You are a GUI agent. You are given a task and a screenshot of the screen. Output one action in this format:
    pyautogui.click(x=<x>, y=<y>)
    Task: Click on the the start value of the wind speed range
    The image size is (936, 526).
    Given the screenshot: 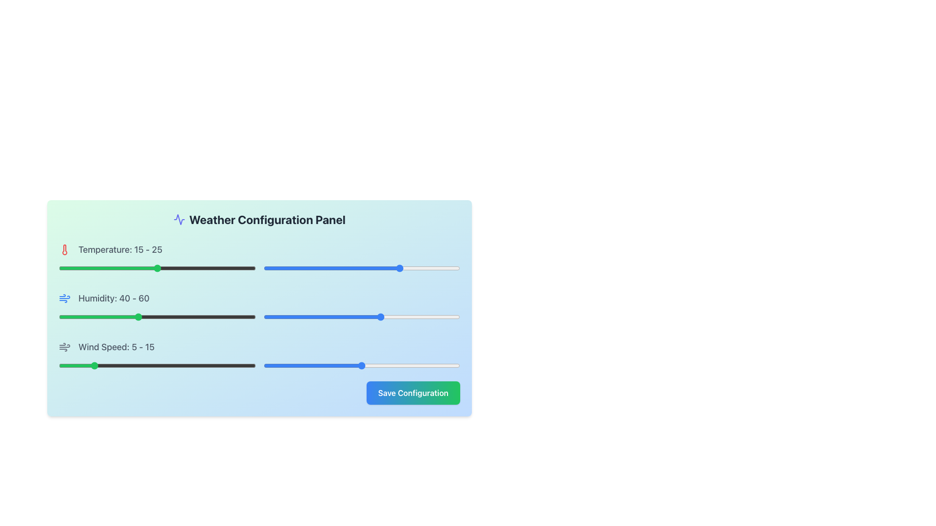 What is the action you would take?
    pyautogui.click(x=92, y=366)
    